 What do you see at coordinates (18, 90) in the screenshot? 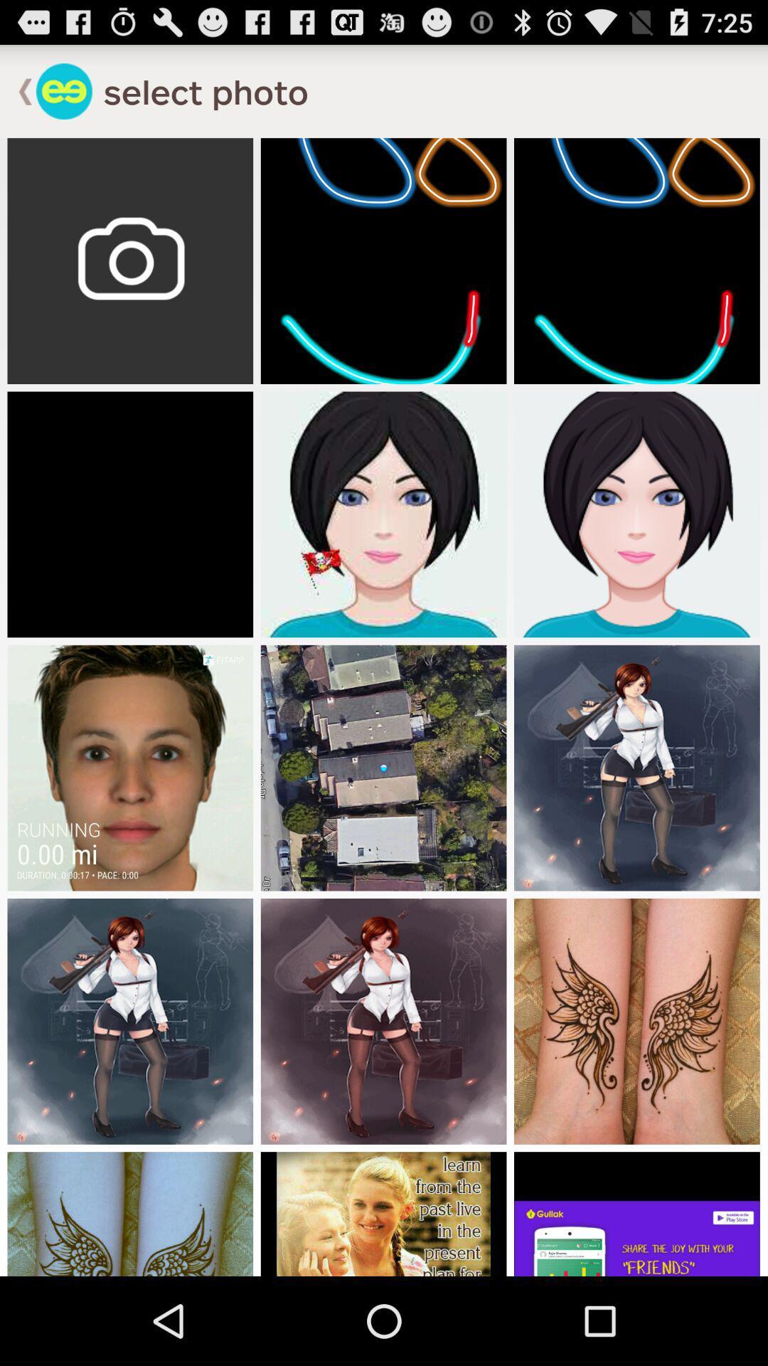
I see `go back` at bounding box center [18, 90].